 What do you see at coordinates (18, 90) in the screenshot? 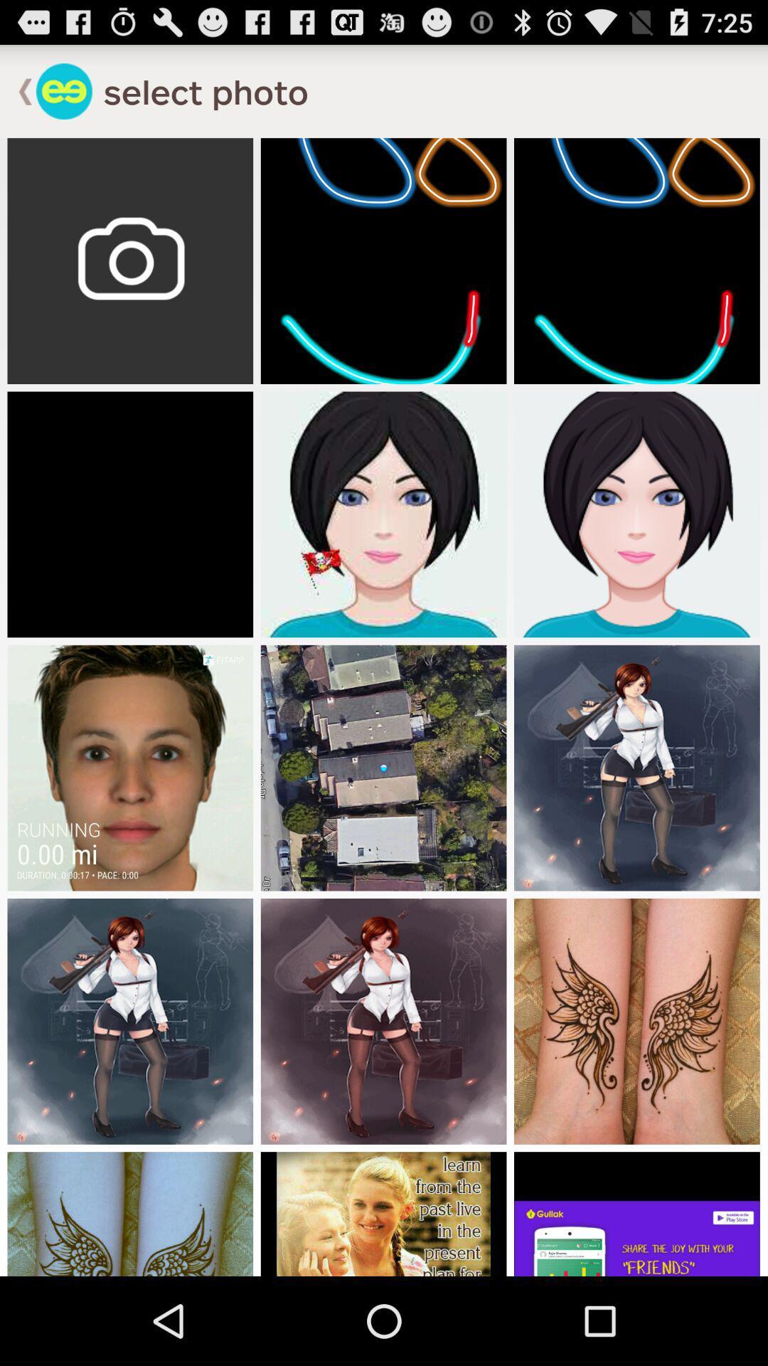
I see `go back` at bounding box center [18, 90].